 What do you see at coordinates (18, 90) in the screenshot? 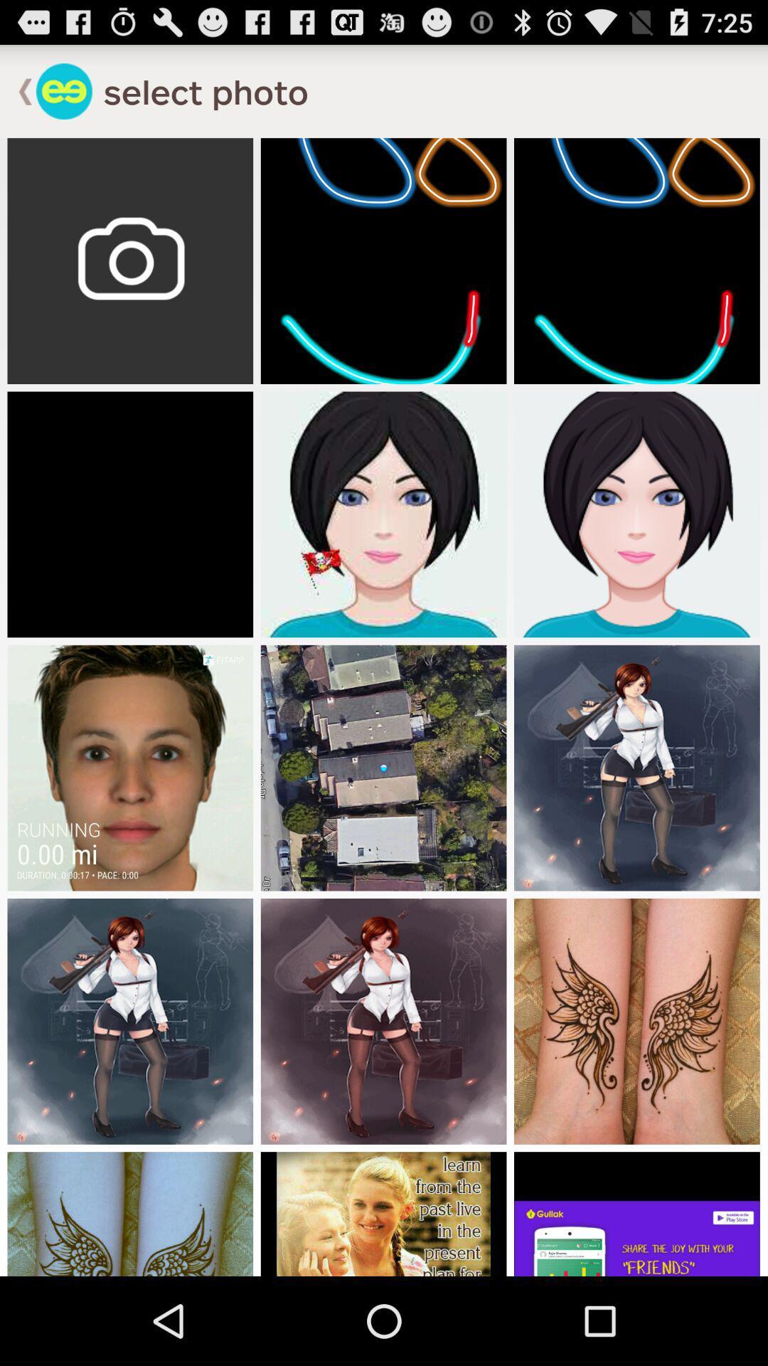
I see `go back` at bounding box center [18, 90].